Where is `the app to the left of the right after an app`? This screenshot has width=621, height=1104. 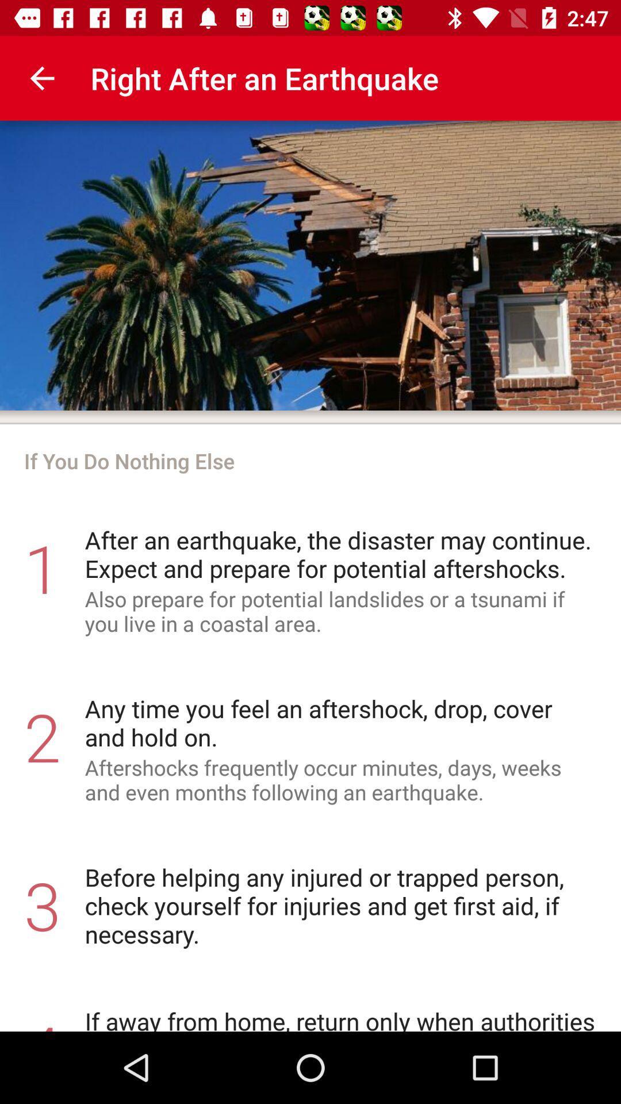 the app to the left of the right after an app is located at coordinates (41, 78).